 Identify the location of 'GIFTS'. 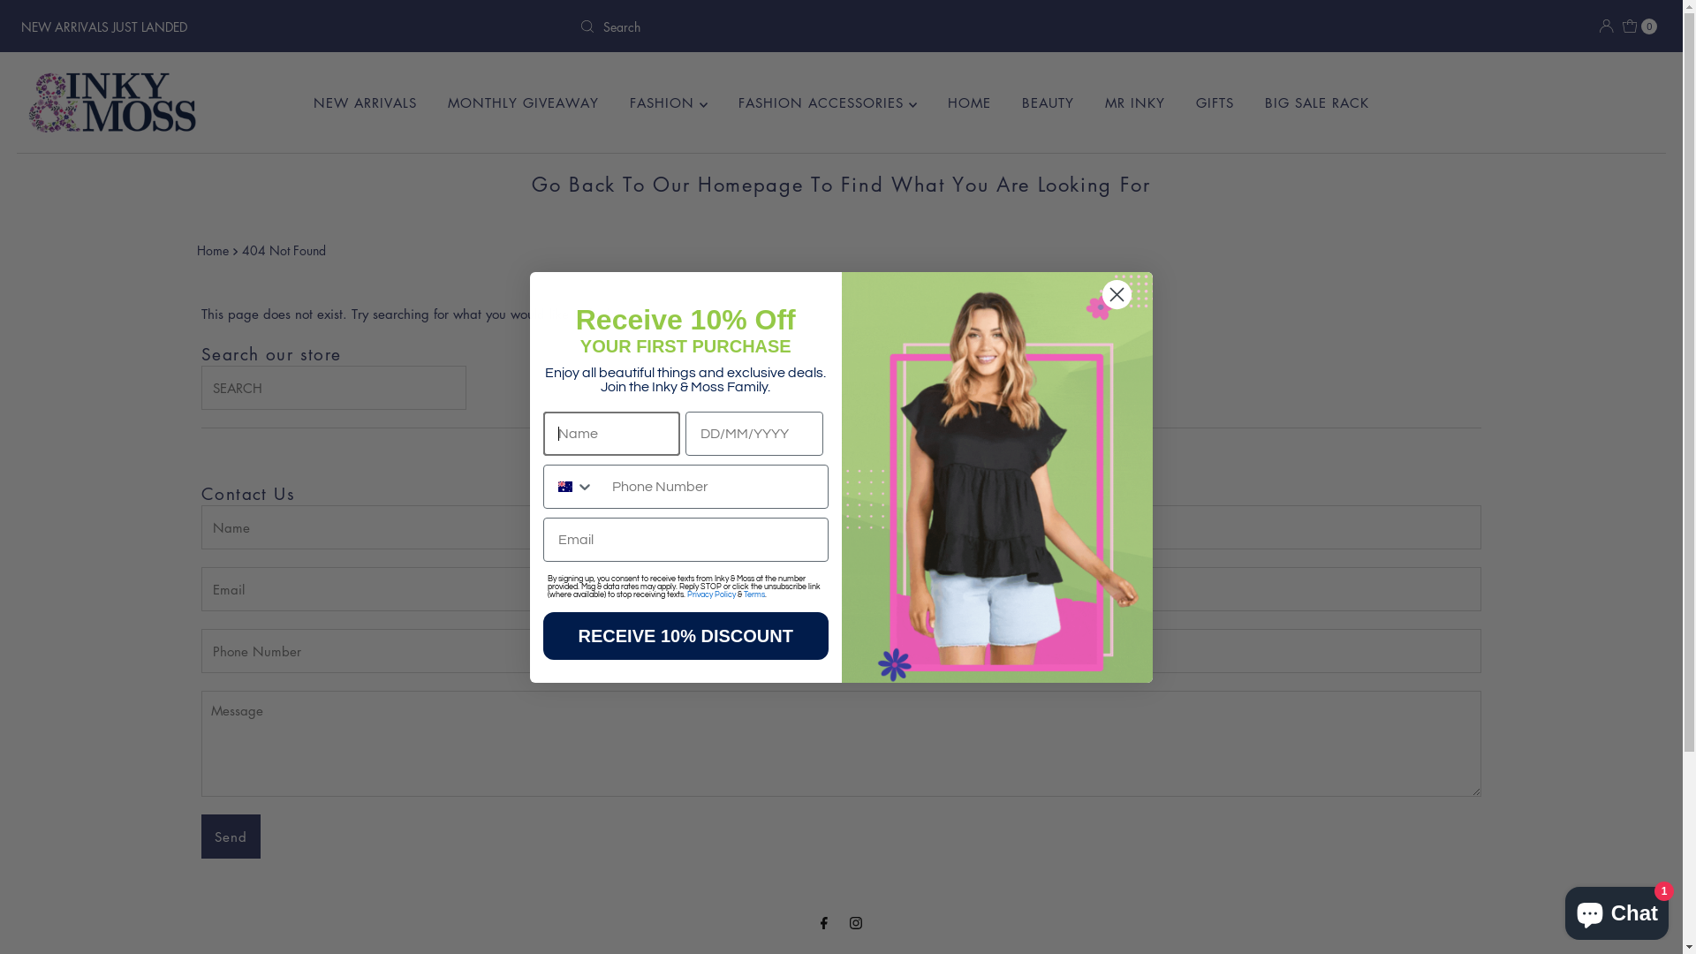
(1214, 102).